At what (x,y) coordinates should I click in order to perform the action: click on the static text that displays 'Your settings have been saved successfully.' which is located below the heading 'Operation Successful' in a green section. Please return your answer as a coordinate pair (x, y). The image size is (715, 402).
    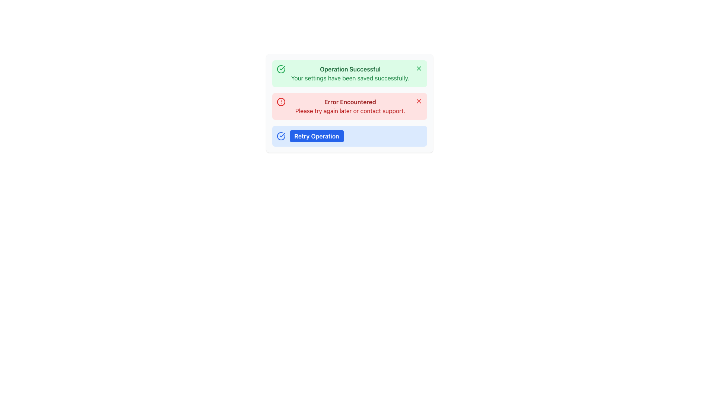
    Looking at the image, I should click on (350, 78).